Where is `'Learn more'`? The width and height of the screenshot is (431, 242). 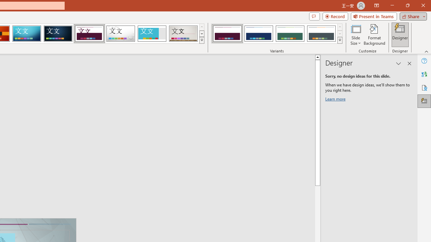 'Learn more' is located at coordinates (336, 100).